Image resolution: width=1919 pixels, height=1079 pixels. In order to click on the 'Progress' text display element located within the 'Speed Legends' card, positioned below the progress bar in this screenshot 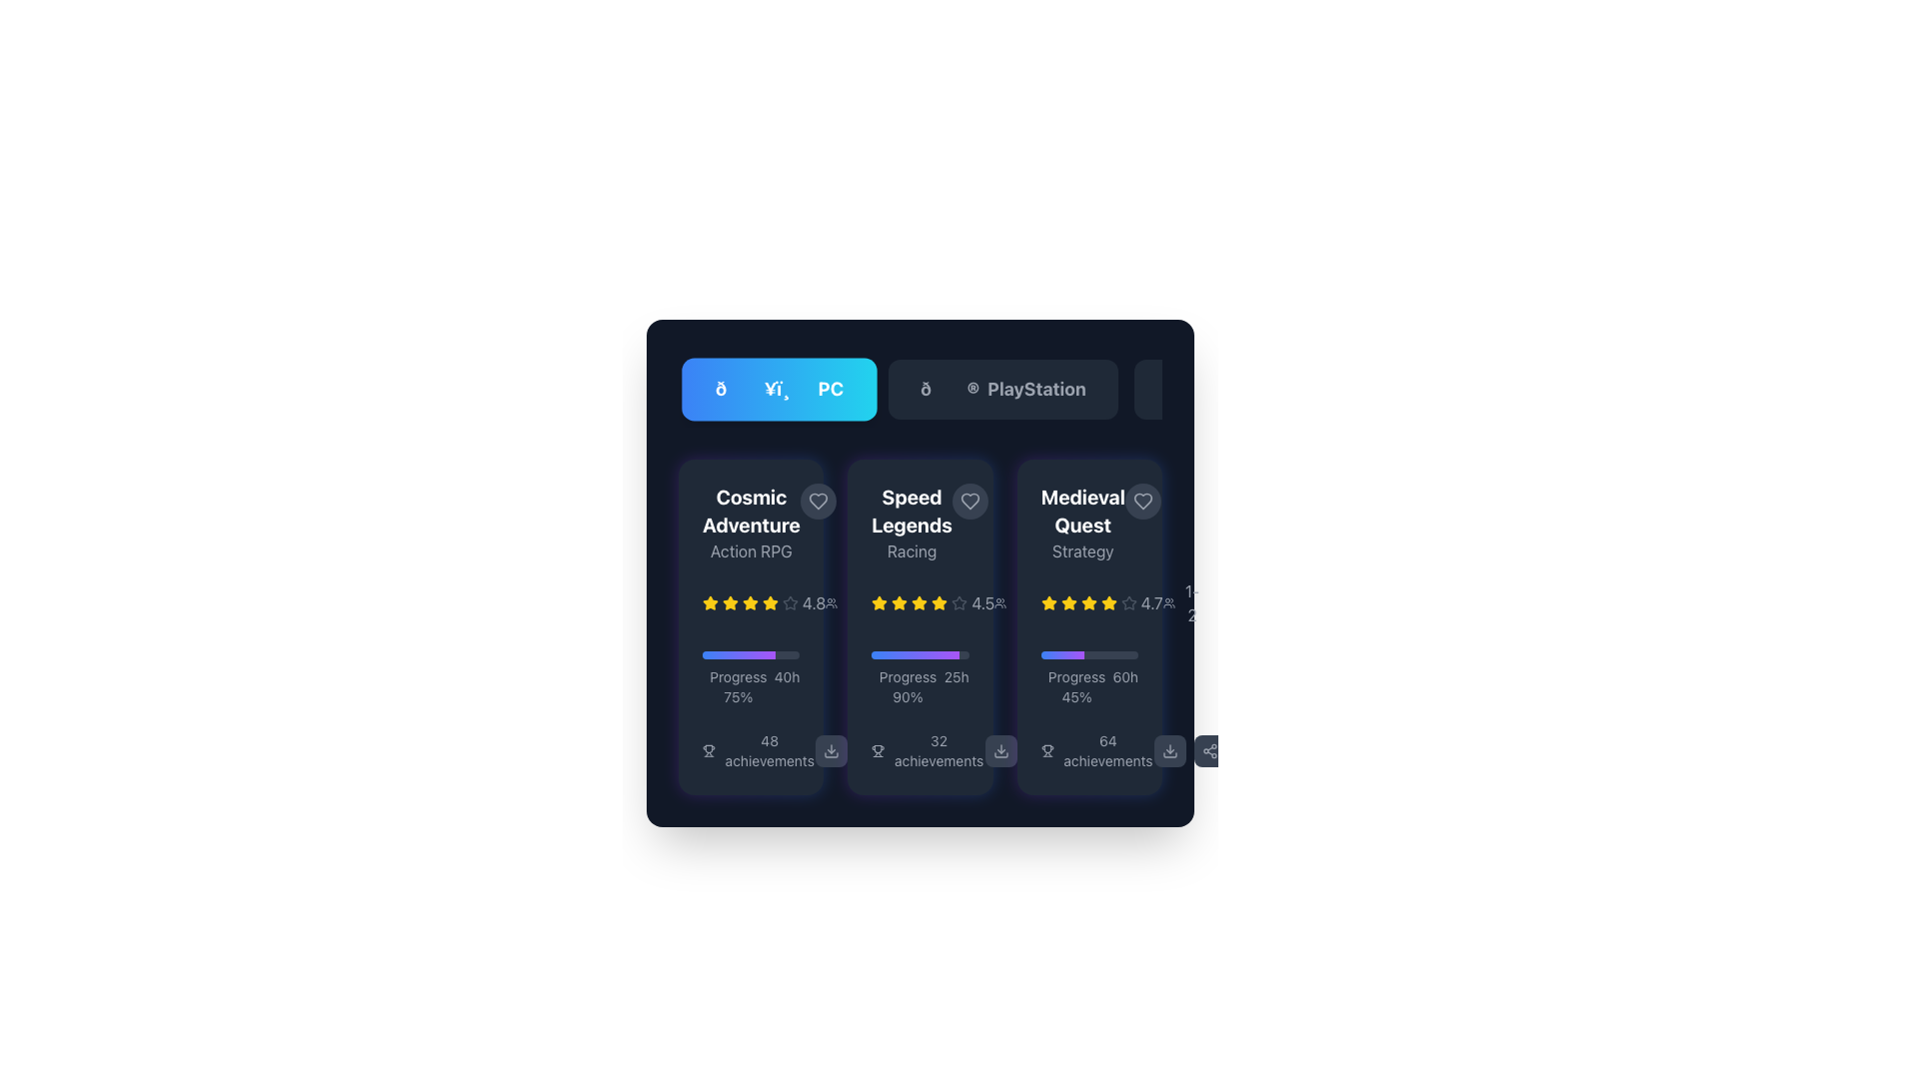, I will do `click(920, 685)`.